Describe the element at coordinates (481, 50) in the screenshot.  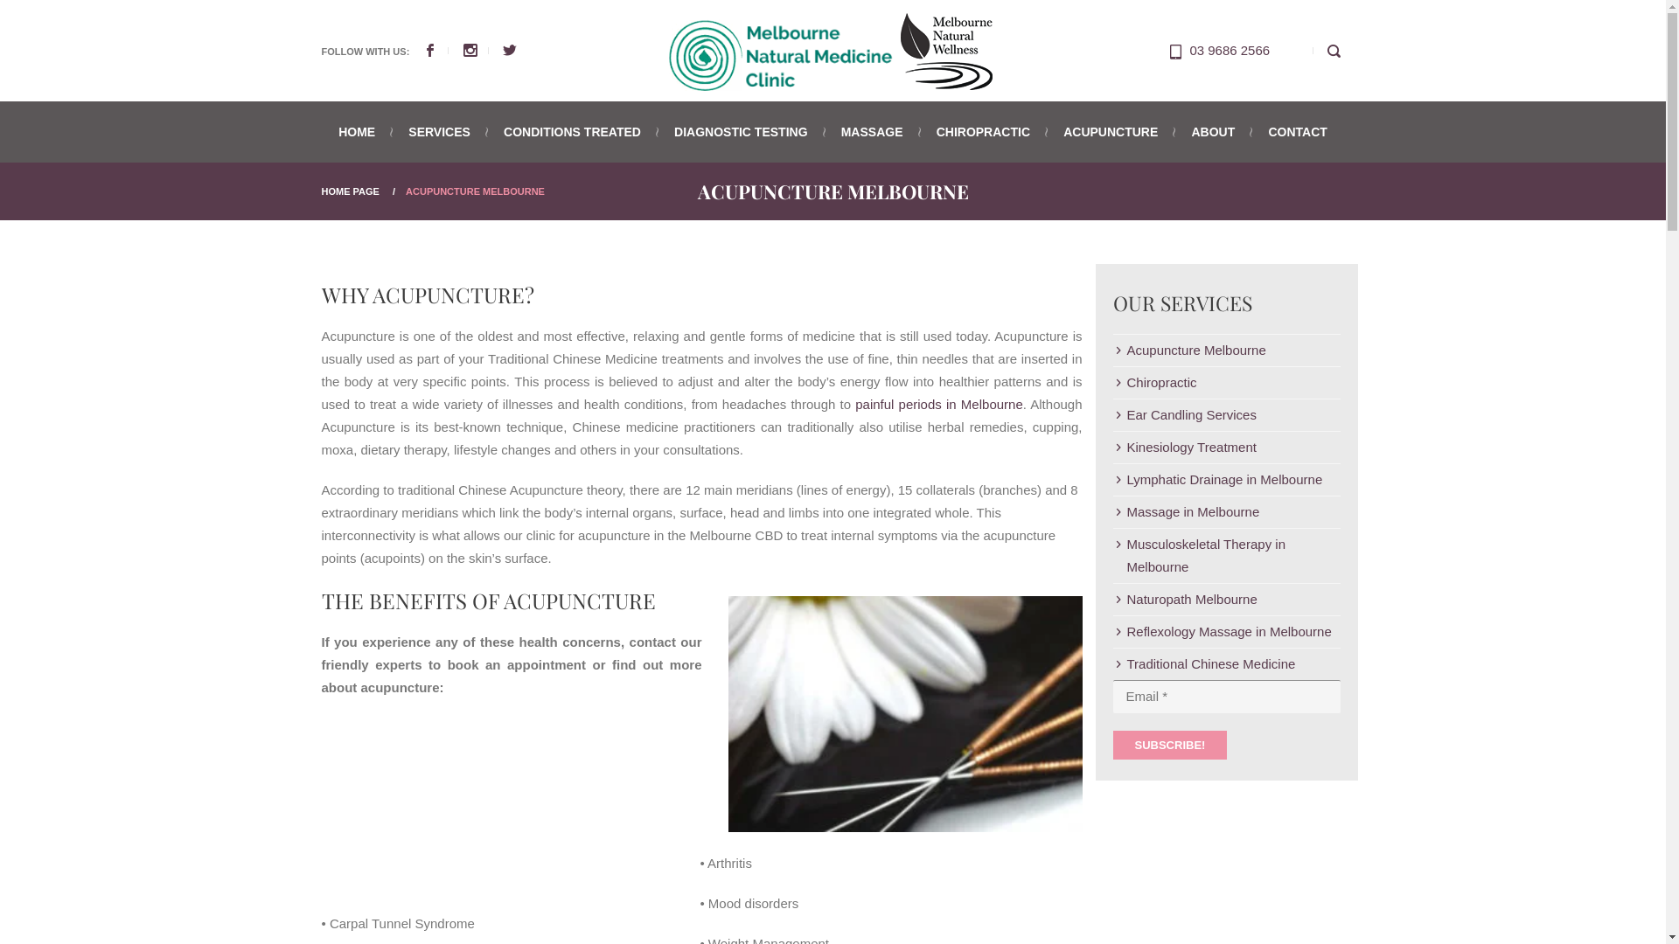
I see `'Instagram'` at that location.